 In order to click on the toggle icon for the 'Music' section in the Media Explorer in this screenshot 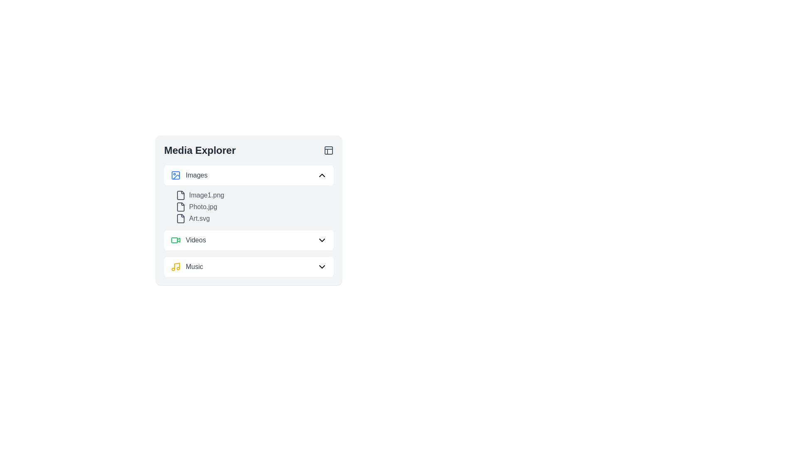, I will do `click(321, 266)`.